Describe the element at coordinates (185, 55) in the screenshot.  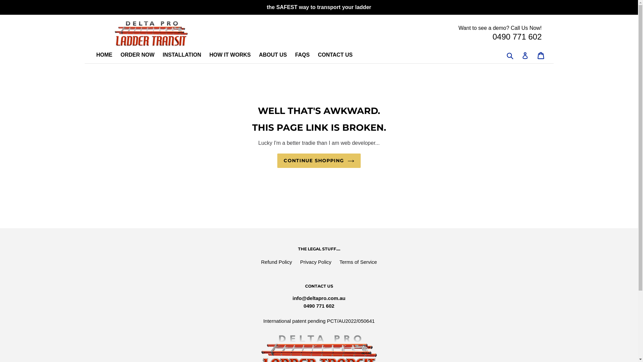
I see `'INSTALLATION'` at that location.